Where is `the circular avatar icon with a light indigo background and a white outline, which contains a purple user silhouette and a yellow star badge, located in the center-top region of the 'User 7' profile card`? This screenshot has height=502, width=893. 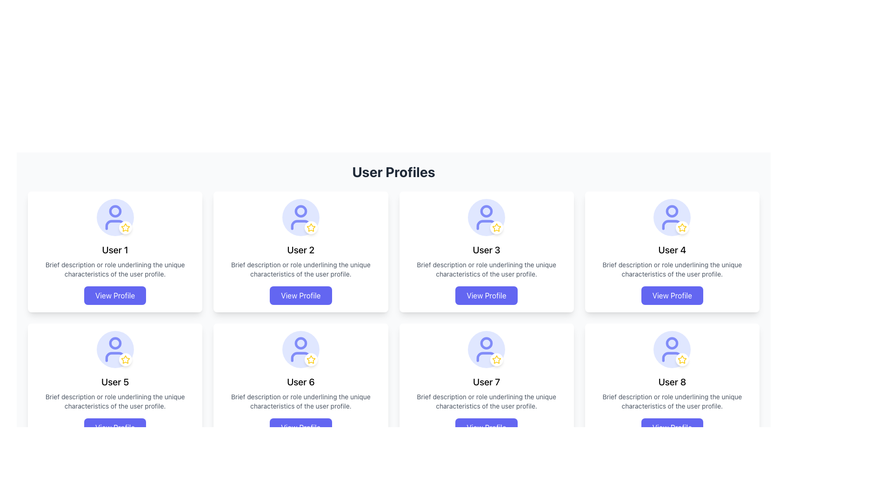 the circular avatar icon with a light indigo background and a white outline, which contains a purple user silhouette and a yellow star badge, located in the center-top region of the 'User 7' profile card is located at coordinates (486, 350).